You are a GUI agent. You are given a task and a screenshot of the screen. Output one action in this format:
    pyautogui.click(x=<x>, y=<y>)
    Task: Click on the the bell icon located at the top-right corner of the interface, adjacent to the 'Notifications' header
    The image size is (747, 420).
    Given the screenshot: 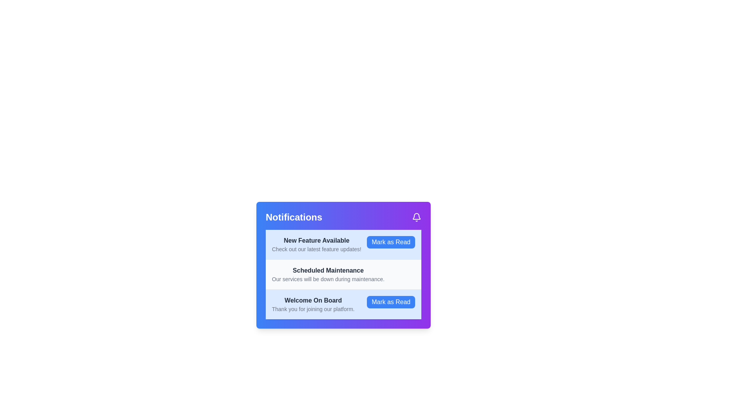 What is the action you would take?
    pyautogui.click(x=416, y=217)
    